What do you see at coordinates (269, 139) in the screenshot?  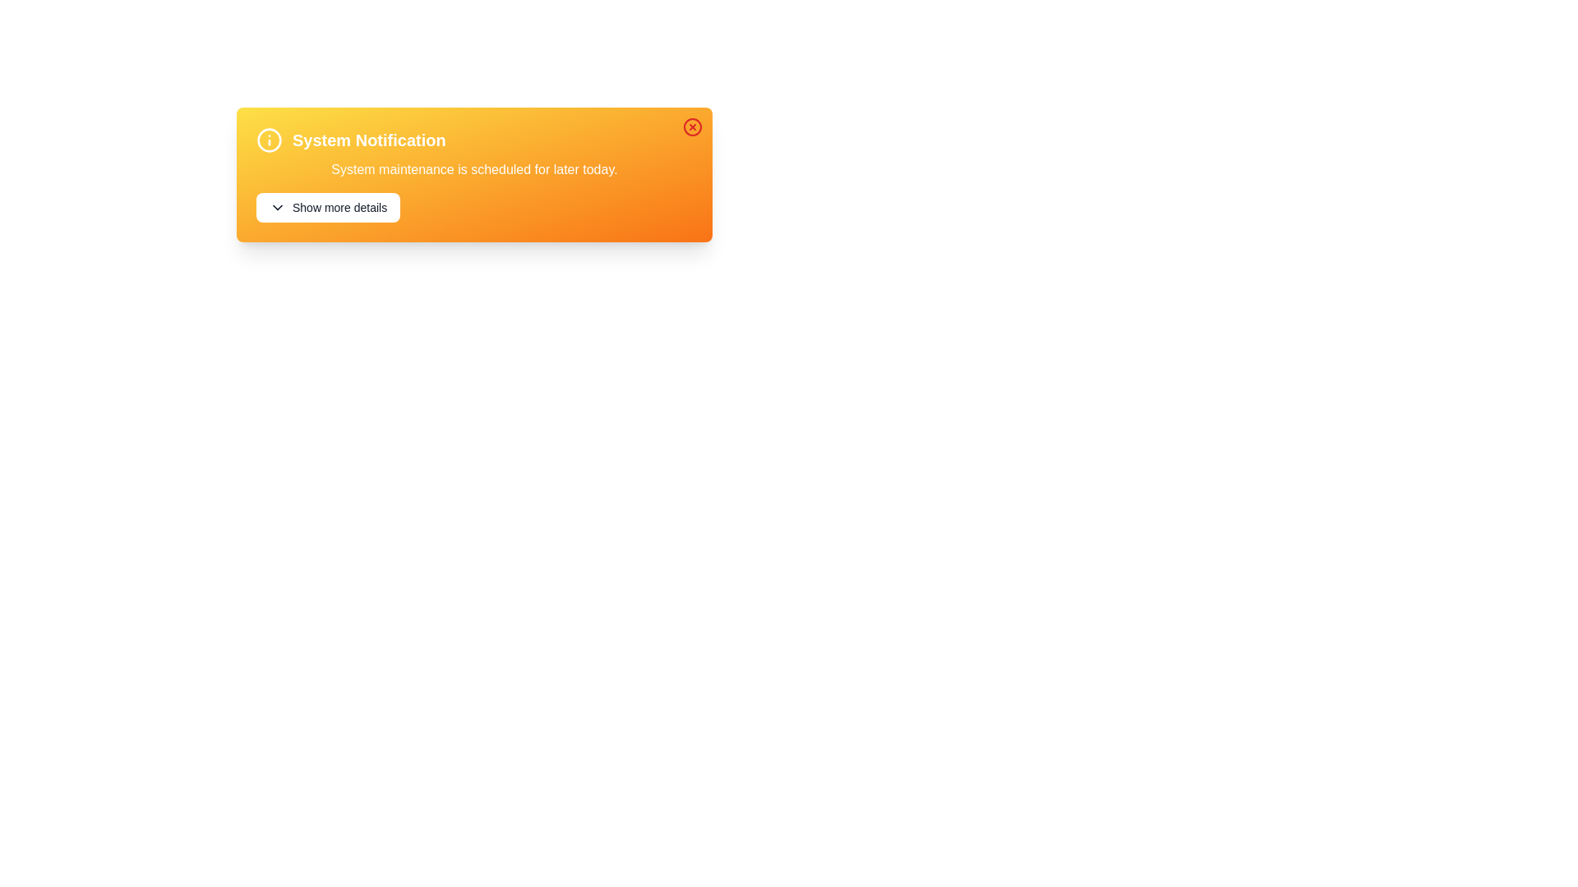 I see `the notification icon and extract its visual details` at bounding box center [269, 139].